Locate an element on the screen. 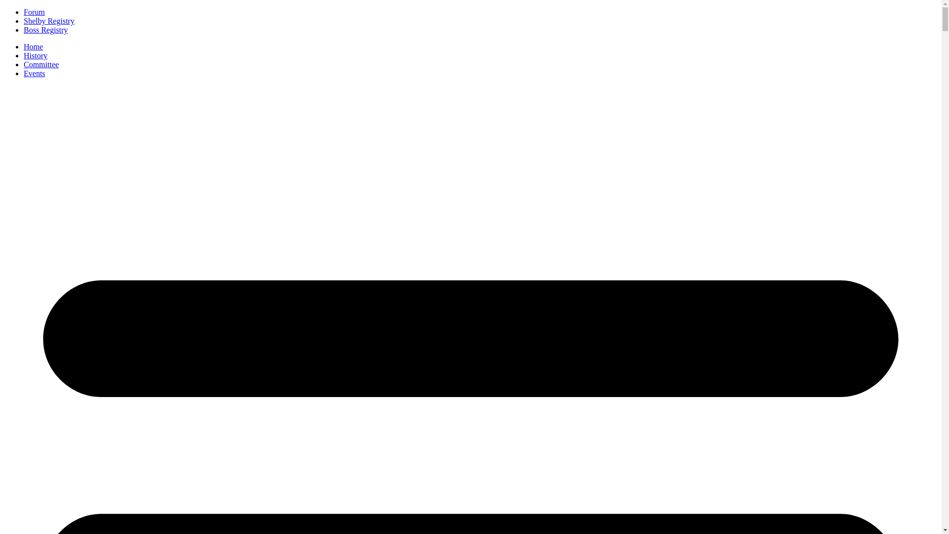 The image size is (949, 534). 'Committee' is located at coordinates (41, 64).